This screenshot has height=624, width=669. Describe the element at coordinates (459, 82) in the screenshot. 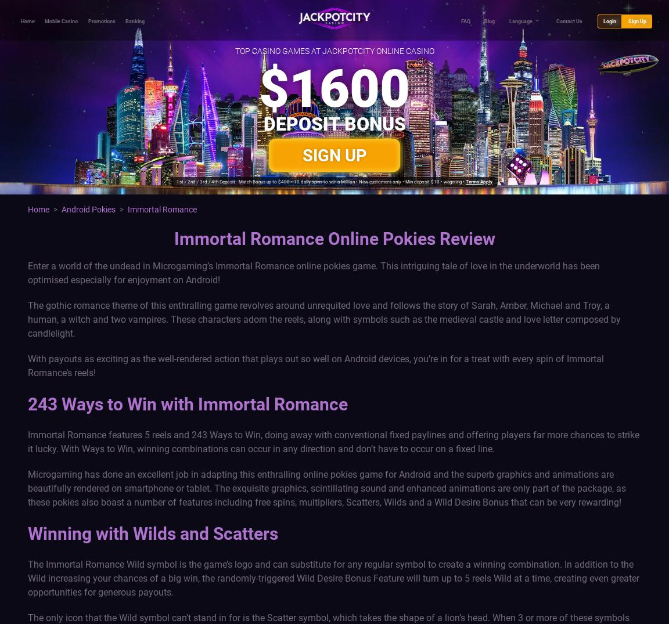

I see `'English Ireland'` at that location.